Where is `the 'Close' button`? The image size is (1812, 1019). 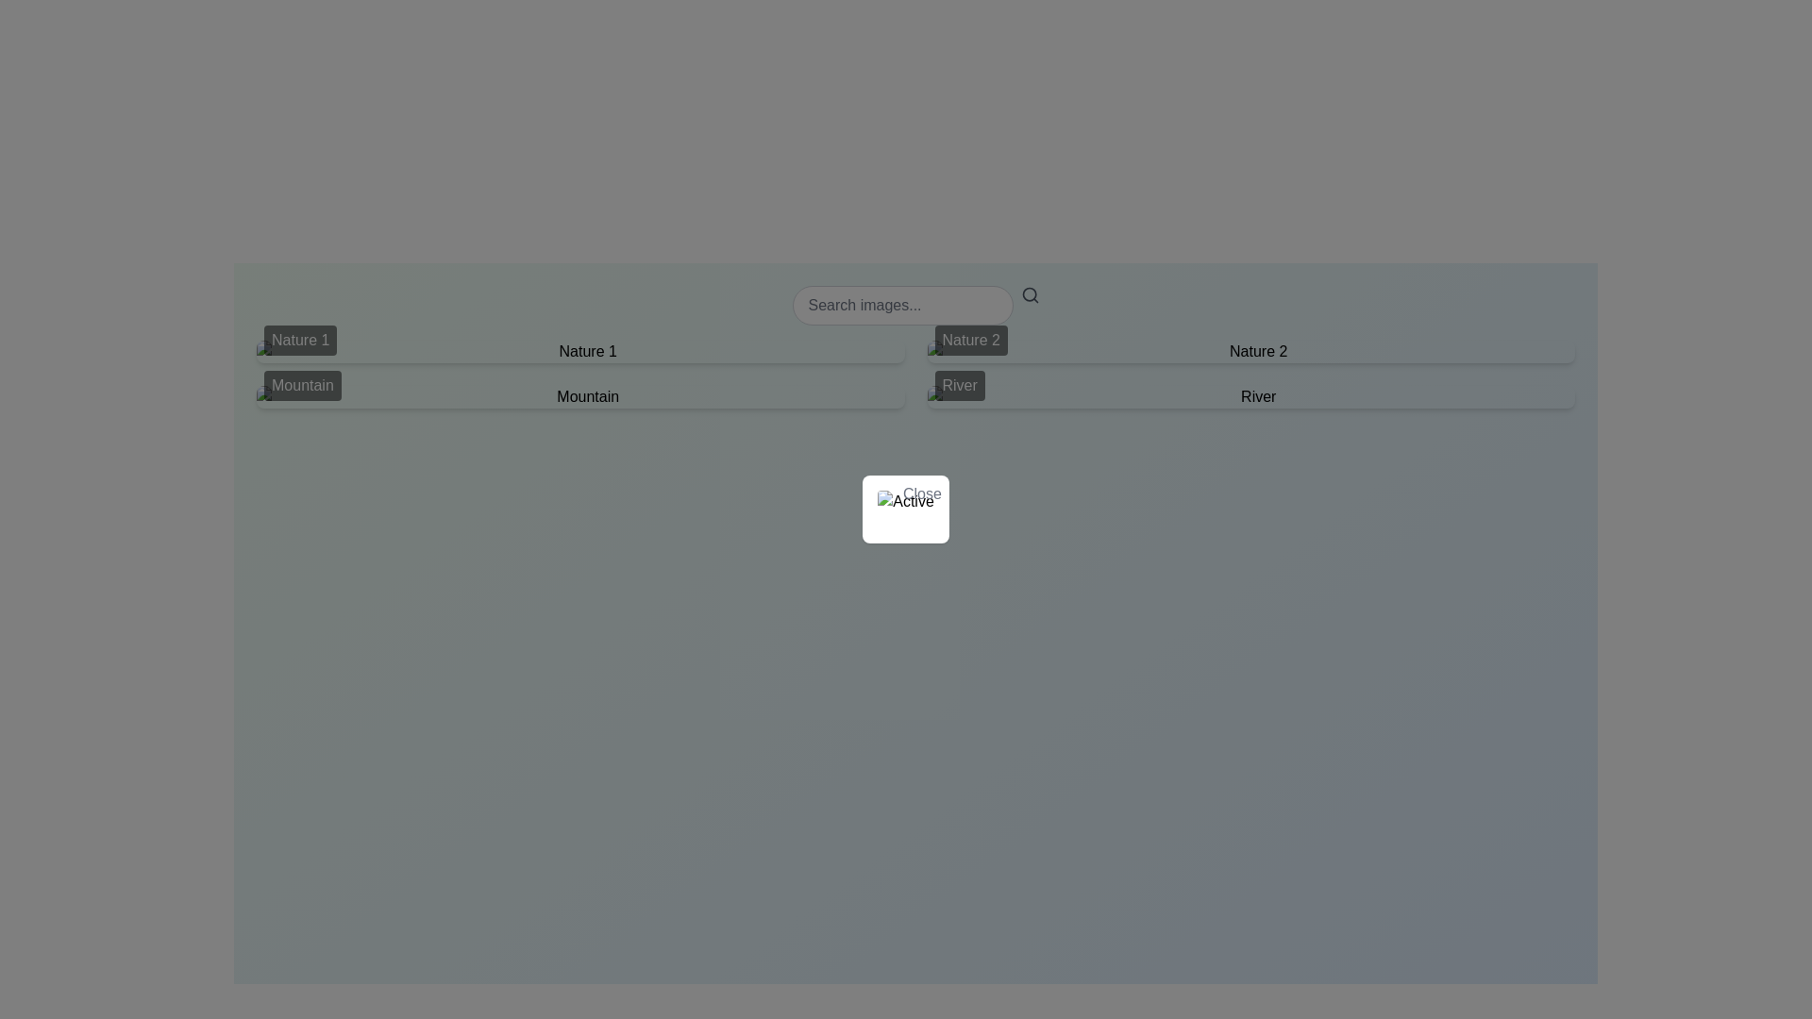
the 'Close' button is located at coordinates (922, 493).